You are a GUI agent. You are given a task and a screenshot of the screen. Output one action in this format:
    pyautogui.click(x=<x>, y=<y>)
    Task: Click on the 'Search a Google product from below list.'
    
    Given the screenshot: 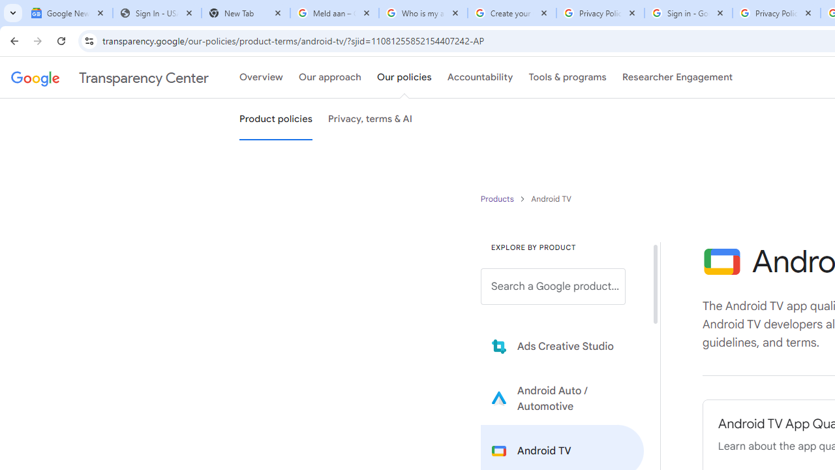 What is the action you would take?
    pyautogui.click(x=553, y=286)
    